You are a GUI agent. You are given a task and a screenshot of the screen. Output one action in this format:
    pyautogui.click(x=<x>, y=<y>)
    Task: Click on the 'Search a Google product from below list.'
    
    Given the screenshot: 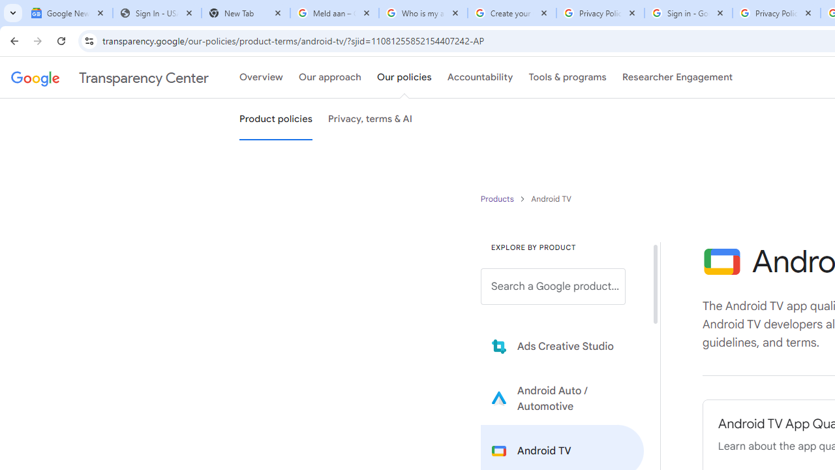 What is the action you would take?
    pyautogui.click(x=553, y=286)
    